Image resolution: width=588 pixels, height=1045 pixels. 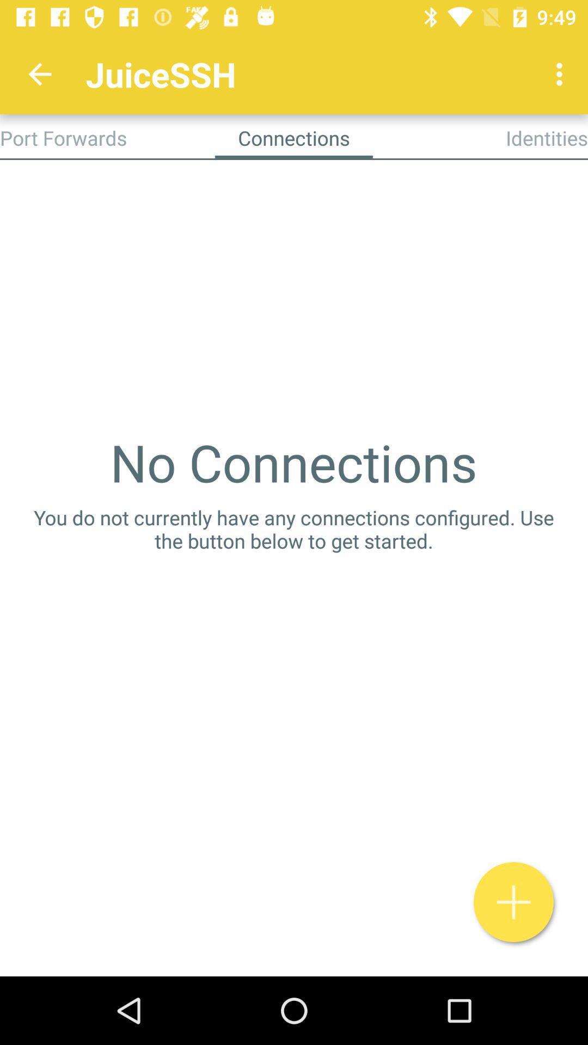 What do you see at coordinates (293, 462) in the screenshot?
I see `the icon above the you do not item` at bounding box center [293, 462].